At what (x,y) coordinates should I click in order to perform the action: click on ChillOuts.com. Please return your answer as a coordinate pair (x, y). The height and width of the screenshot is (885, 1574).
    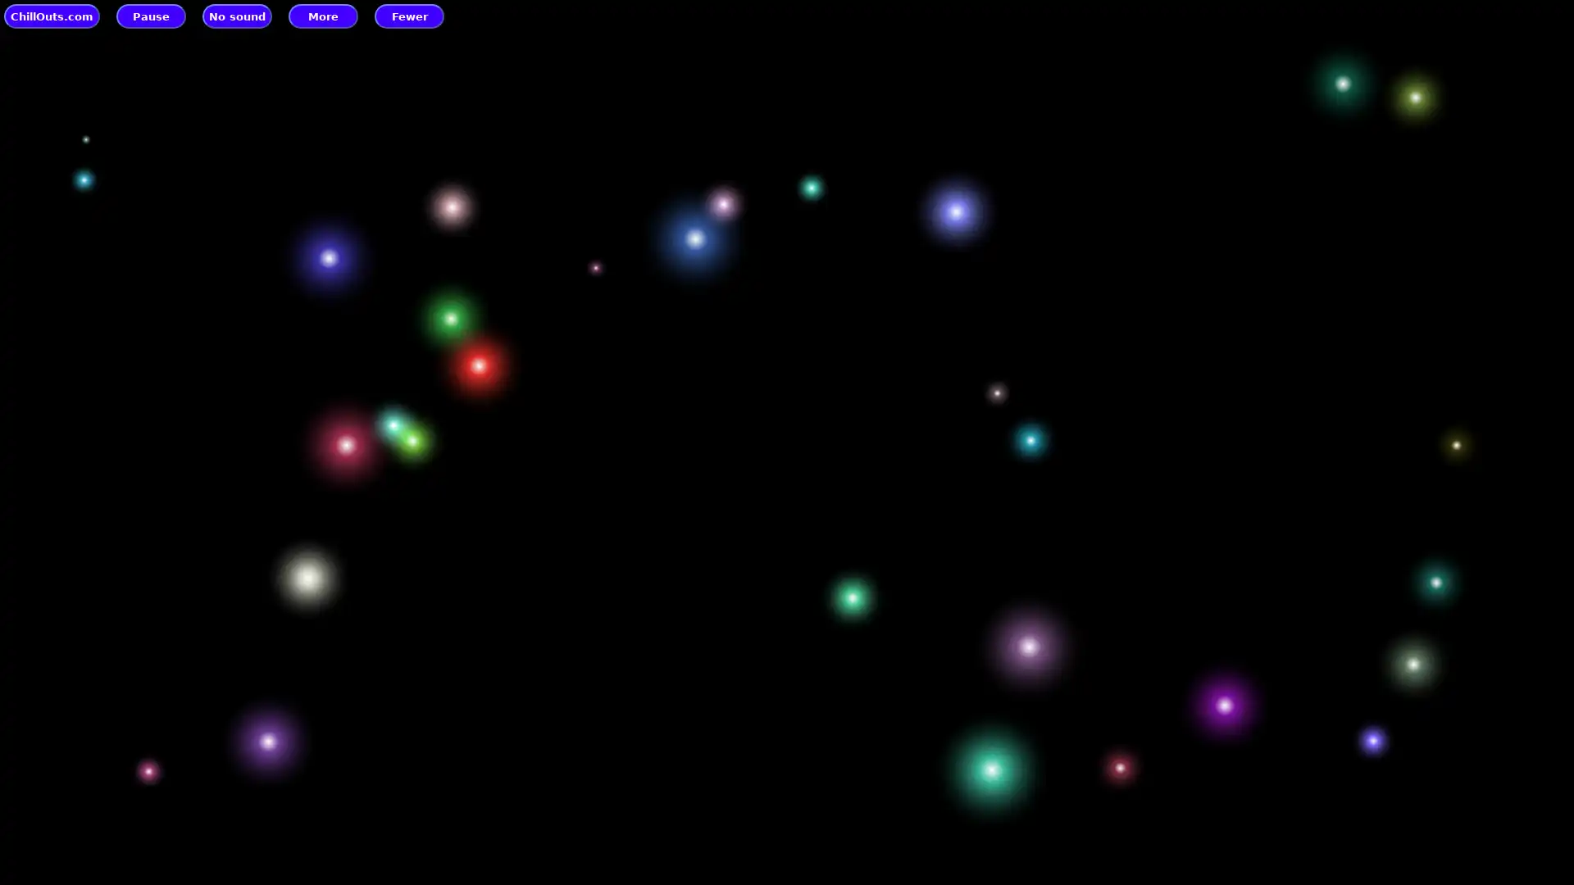
    Looking at the image, I should click on (52, 16).